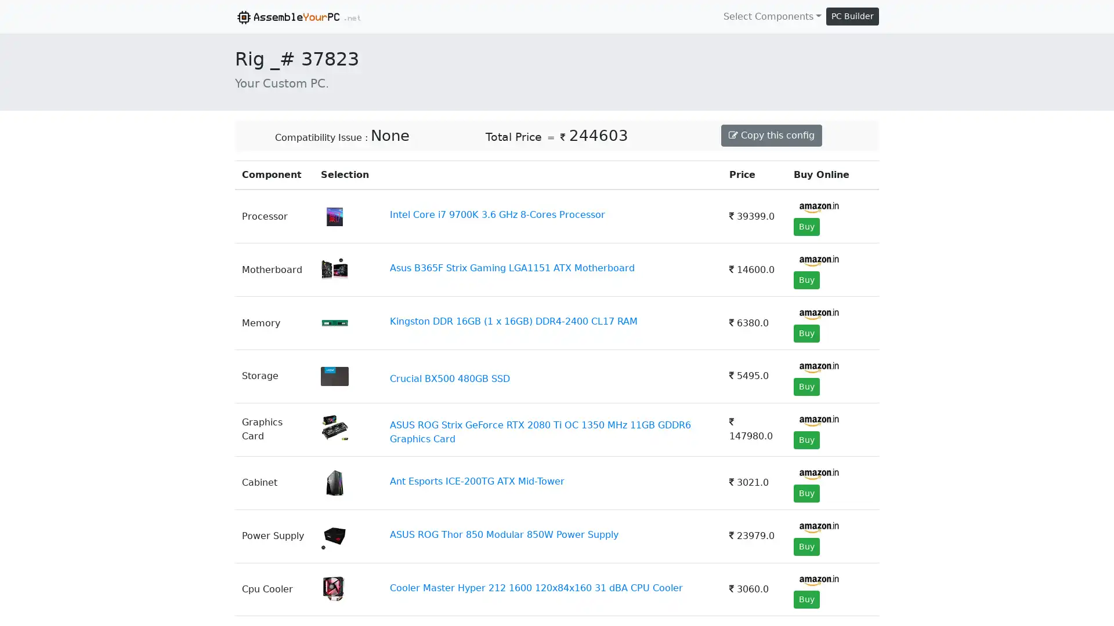 The height and width of the screenshot is (626, 1114). I want to click on Copy this config, so click(771, 134).